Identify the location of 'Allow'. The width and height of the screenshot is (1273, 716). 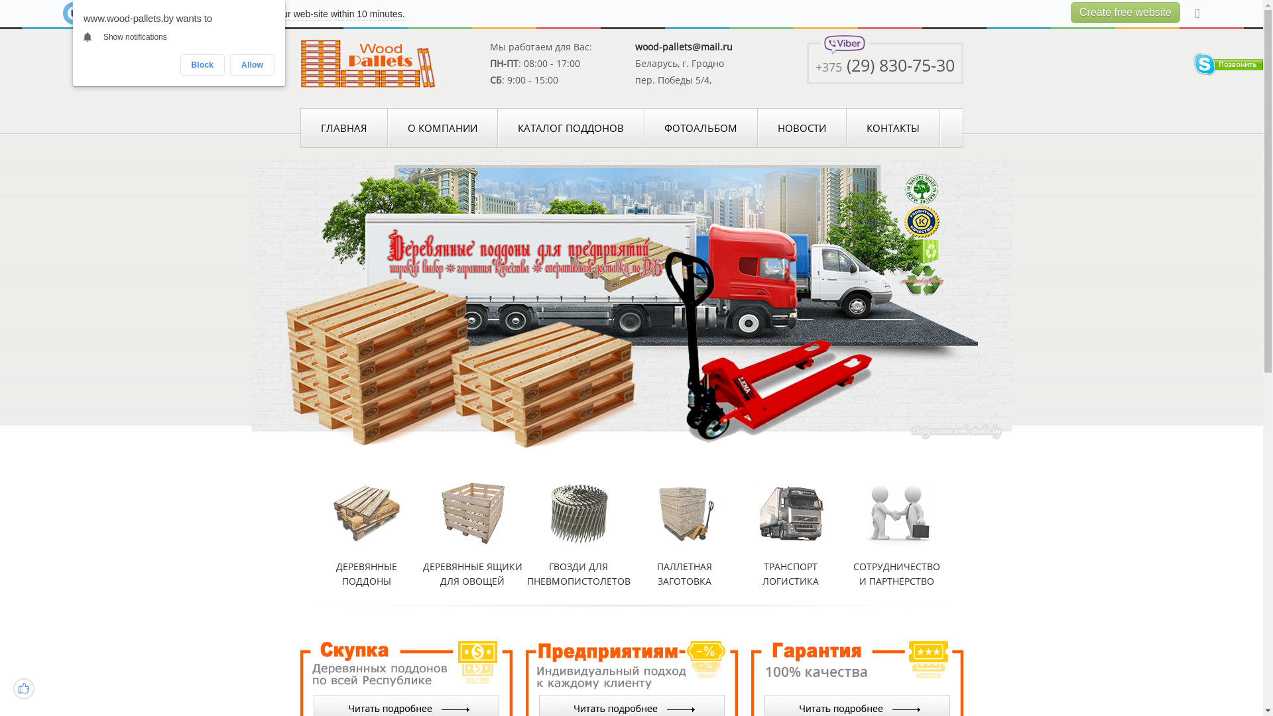
(252, 64).